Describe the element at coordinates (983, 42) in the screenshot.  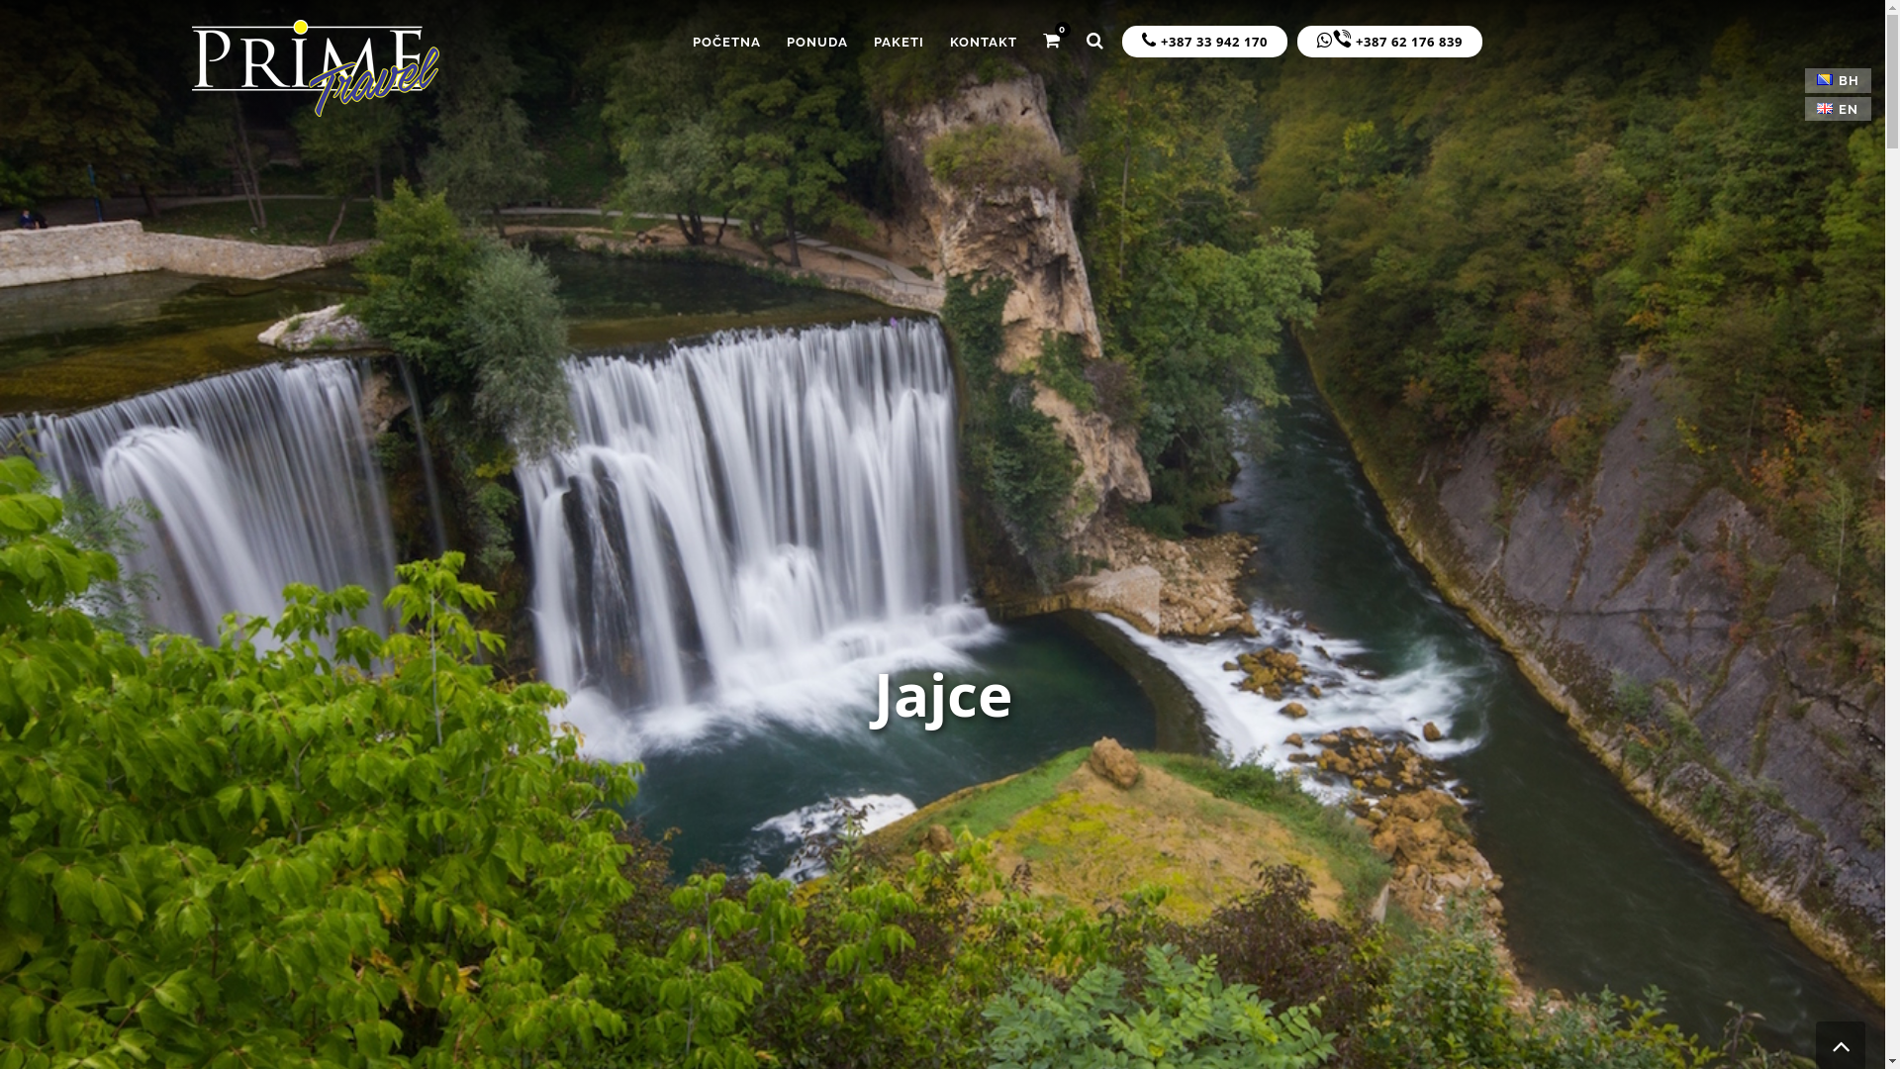
I see `'KONTAKT'` at that location.